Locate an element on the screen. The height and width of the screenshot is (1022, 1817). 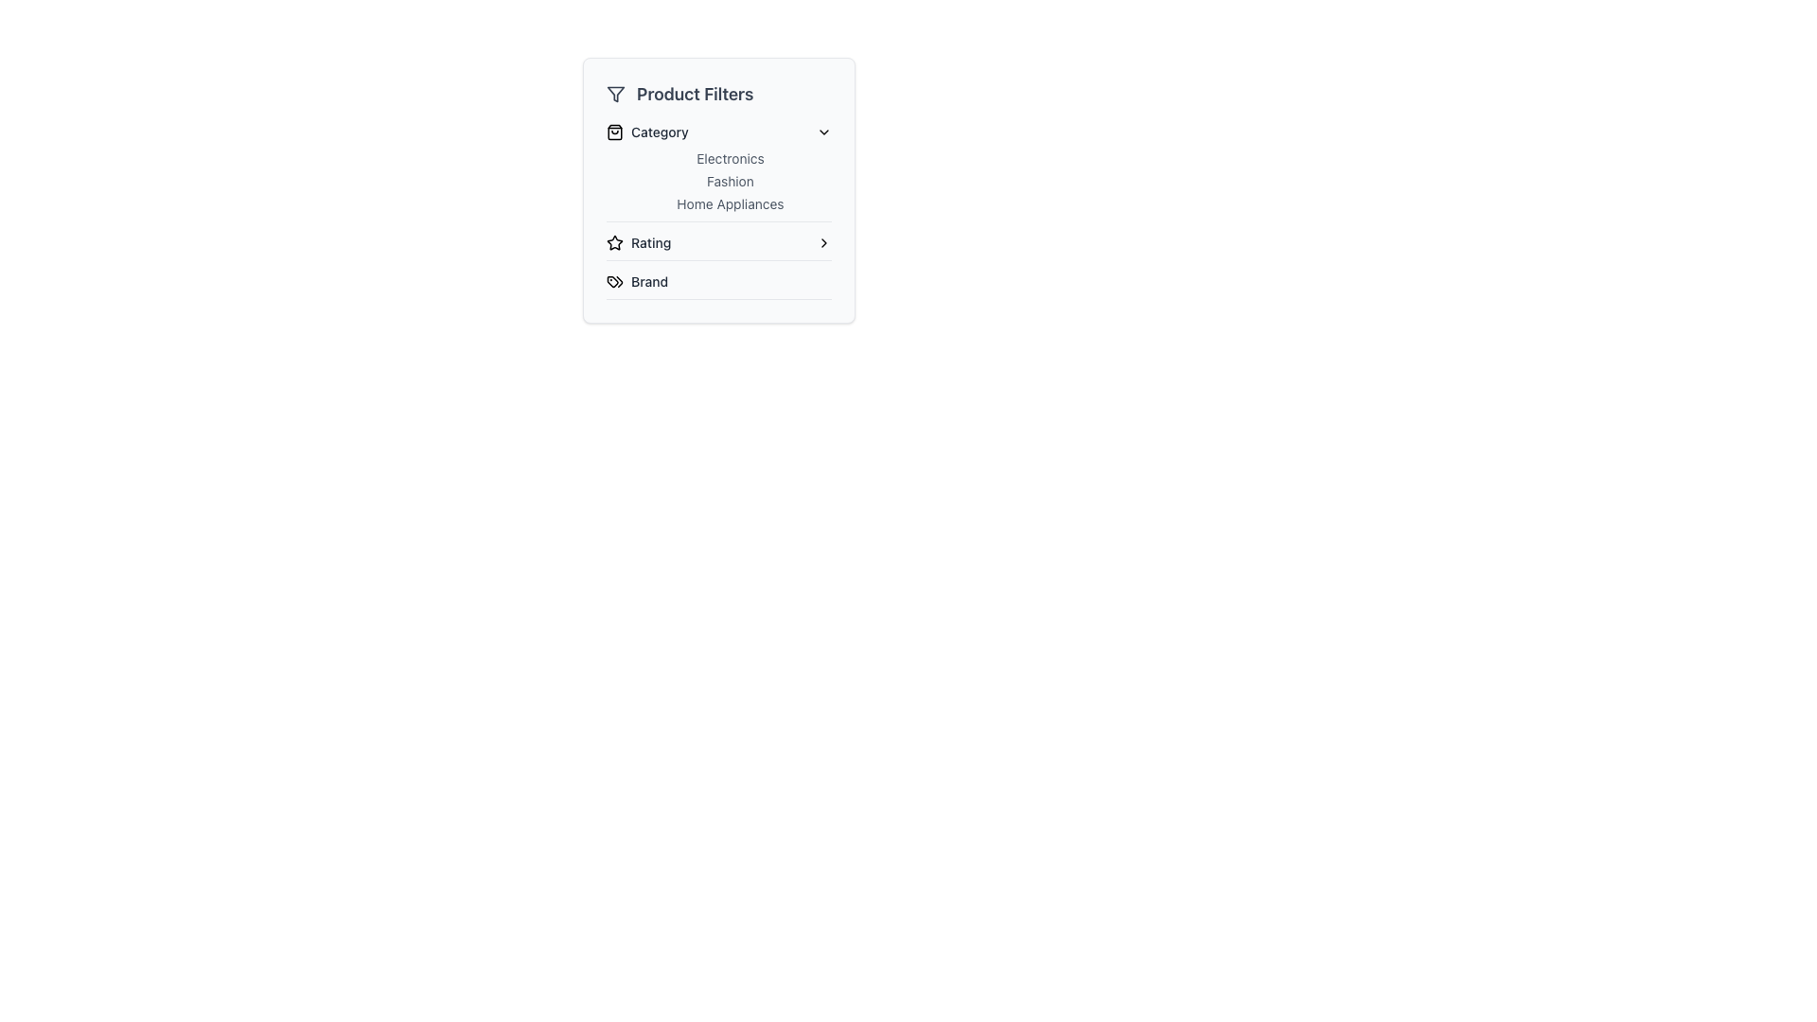
the third text label in the 'Category' section is located at coordinates (730, 204).